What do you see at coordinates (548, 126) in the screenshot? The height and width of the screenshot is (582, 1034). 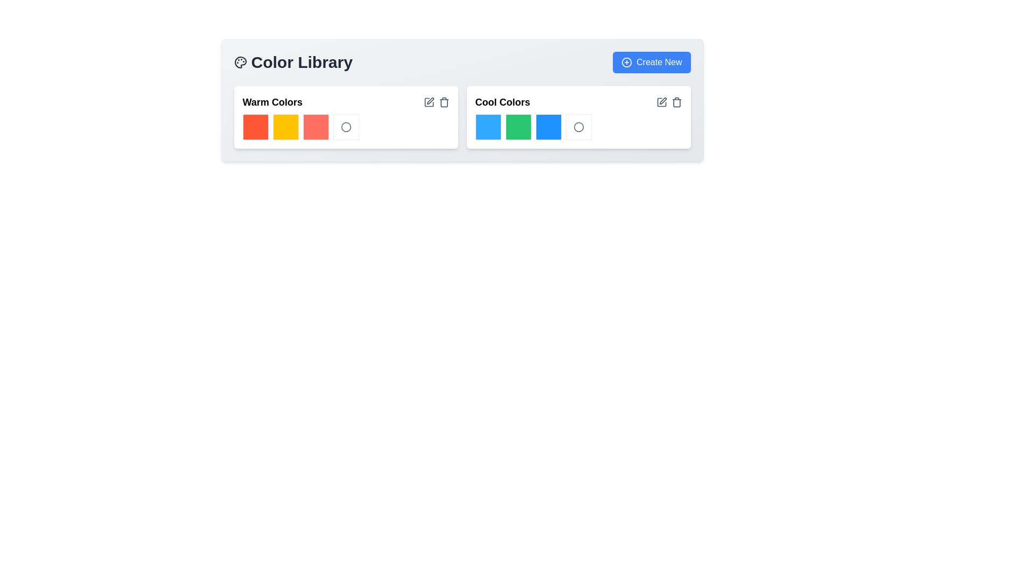 I see `the third square color swatch in the 'Cool Colors' section of the 'Color Library' card` at bounding box center [548, 126].